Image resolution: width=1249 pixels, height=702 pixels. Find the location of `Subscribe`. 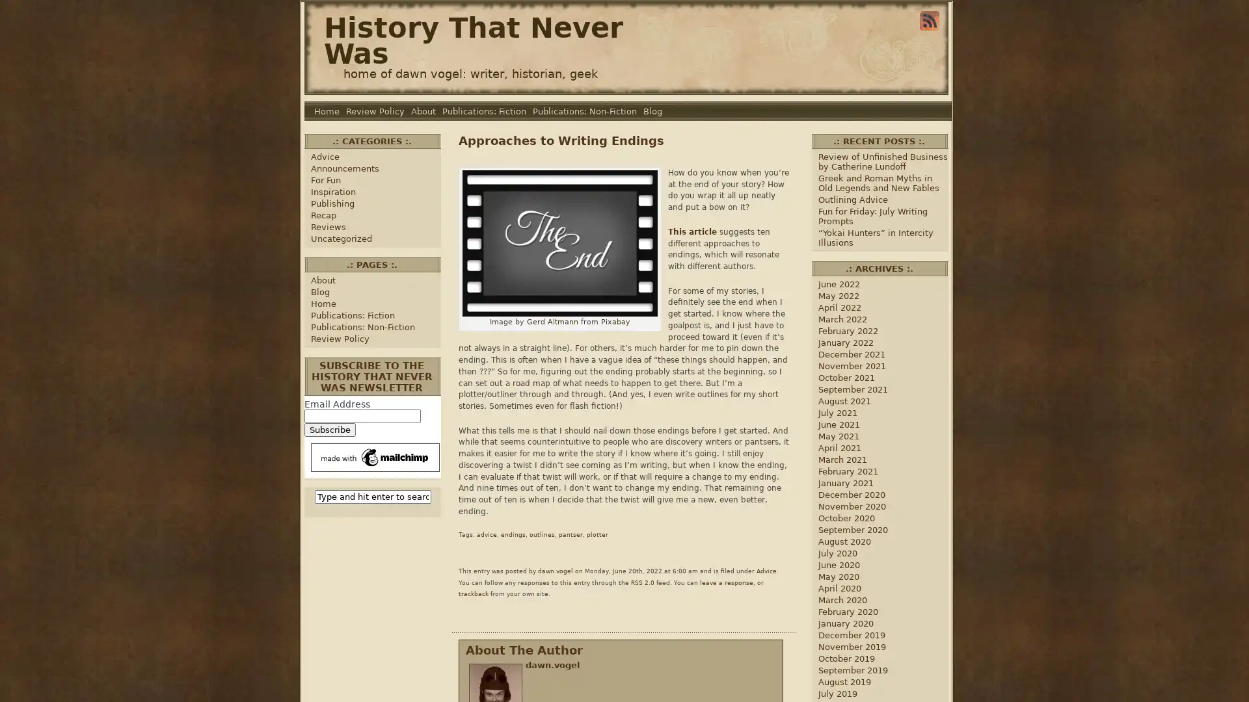

Subscribe is located at coordinates (330, 430).